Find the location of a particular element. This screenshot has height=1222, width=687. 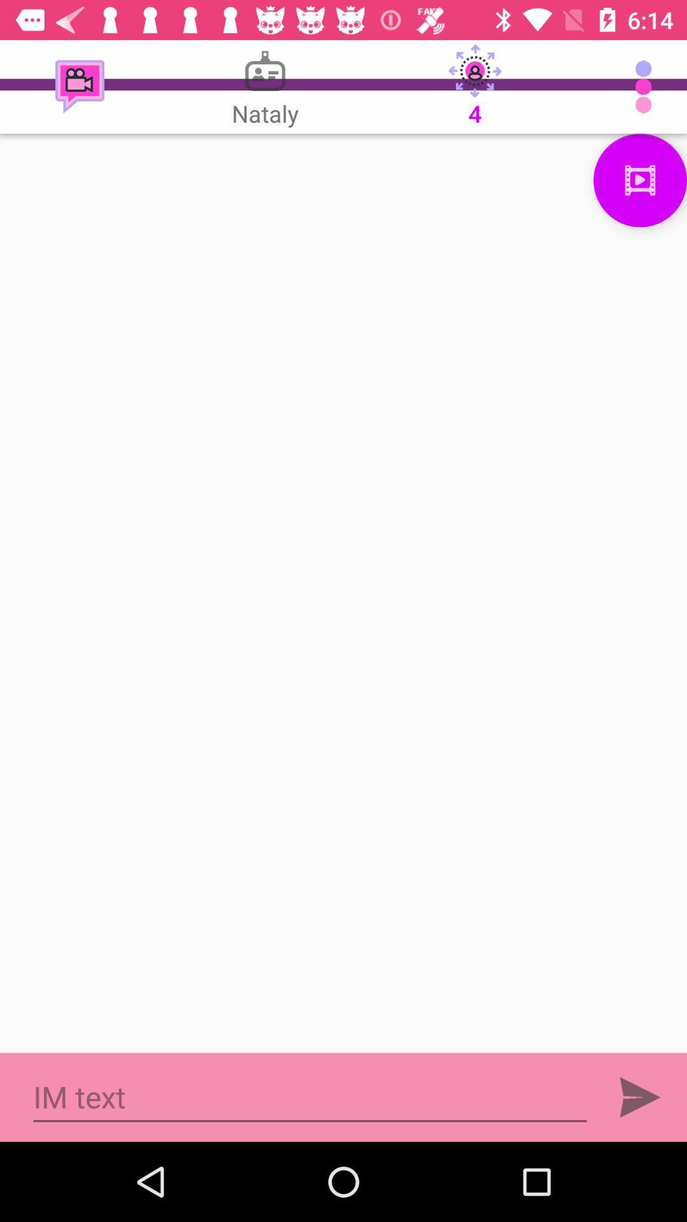

the send icon is located at coordinates (640, 1097).